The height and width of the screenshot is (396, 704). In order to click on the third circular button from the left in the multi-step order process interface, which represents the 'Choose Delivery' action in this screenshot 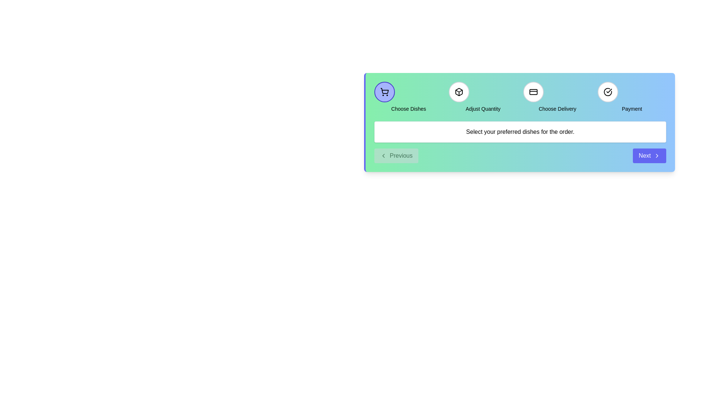, I will do `click(533, 91)`.